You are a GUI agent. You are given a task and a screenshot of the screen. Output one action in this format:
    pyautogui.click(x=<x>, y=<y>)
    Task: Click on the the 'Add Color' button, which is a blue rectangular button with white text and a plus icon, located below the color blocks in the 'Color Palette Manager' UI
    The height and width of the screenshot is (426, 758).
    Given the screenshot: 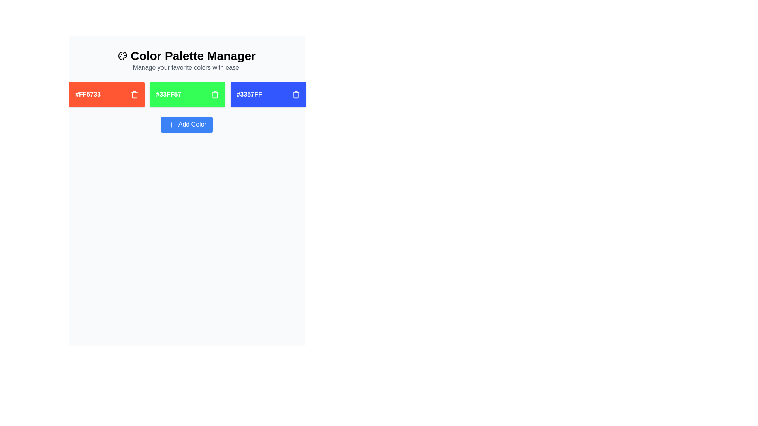 What is the action you would take?
    pyautogui.click(x=186, y=124)
    